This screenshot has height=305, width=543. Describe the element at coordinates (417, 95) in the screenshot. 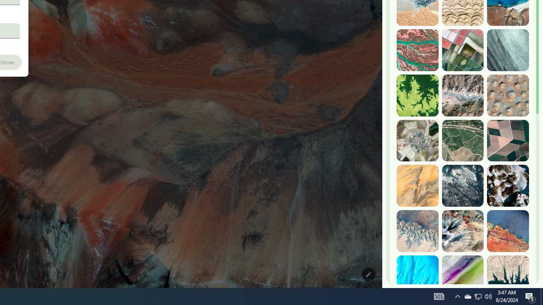

I see `'Dekese, DR Congo'` at that location.